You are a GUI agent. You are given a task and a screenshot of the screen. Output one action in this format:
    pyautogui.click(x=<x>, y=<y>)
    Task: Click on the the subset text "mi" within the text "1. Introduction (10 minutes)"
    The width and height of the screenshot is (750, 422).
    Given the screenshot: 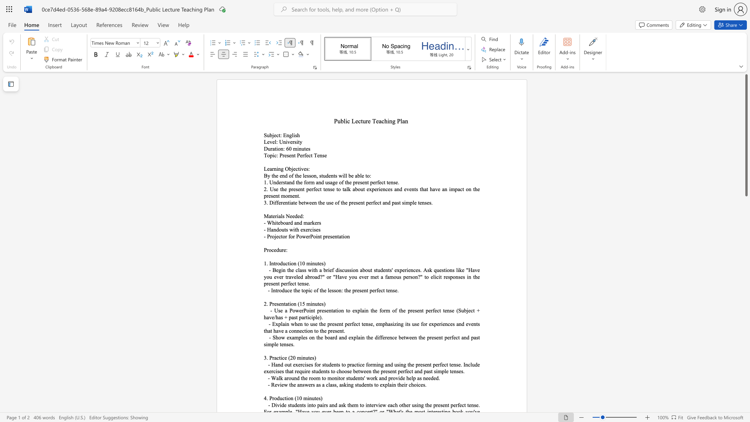 What is the action you would take?
    pyautogui.click(x=306, y=263)
    